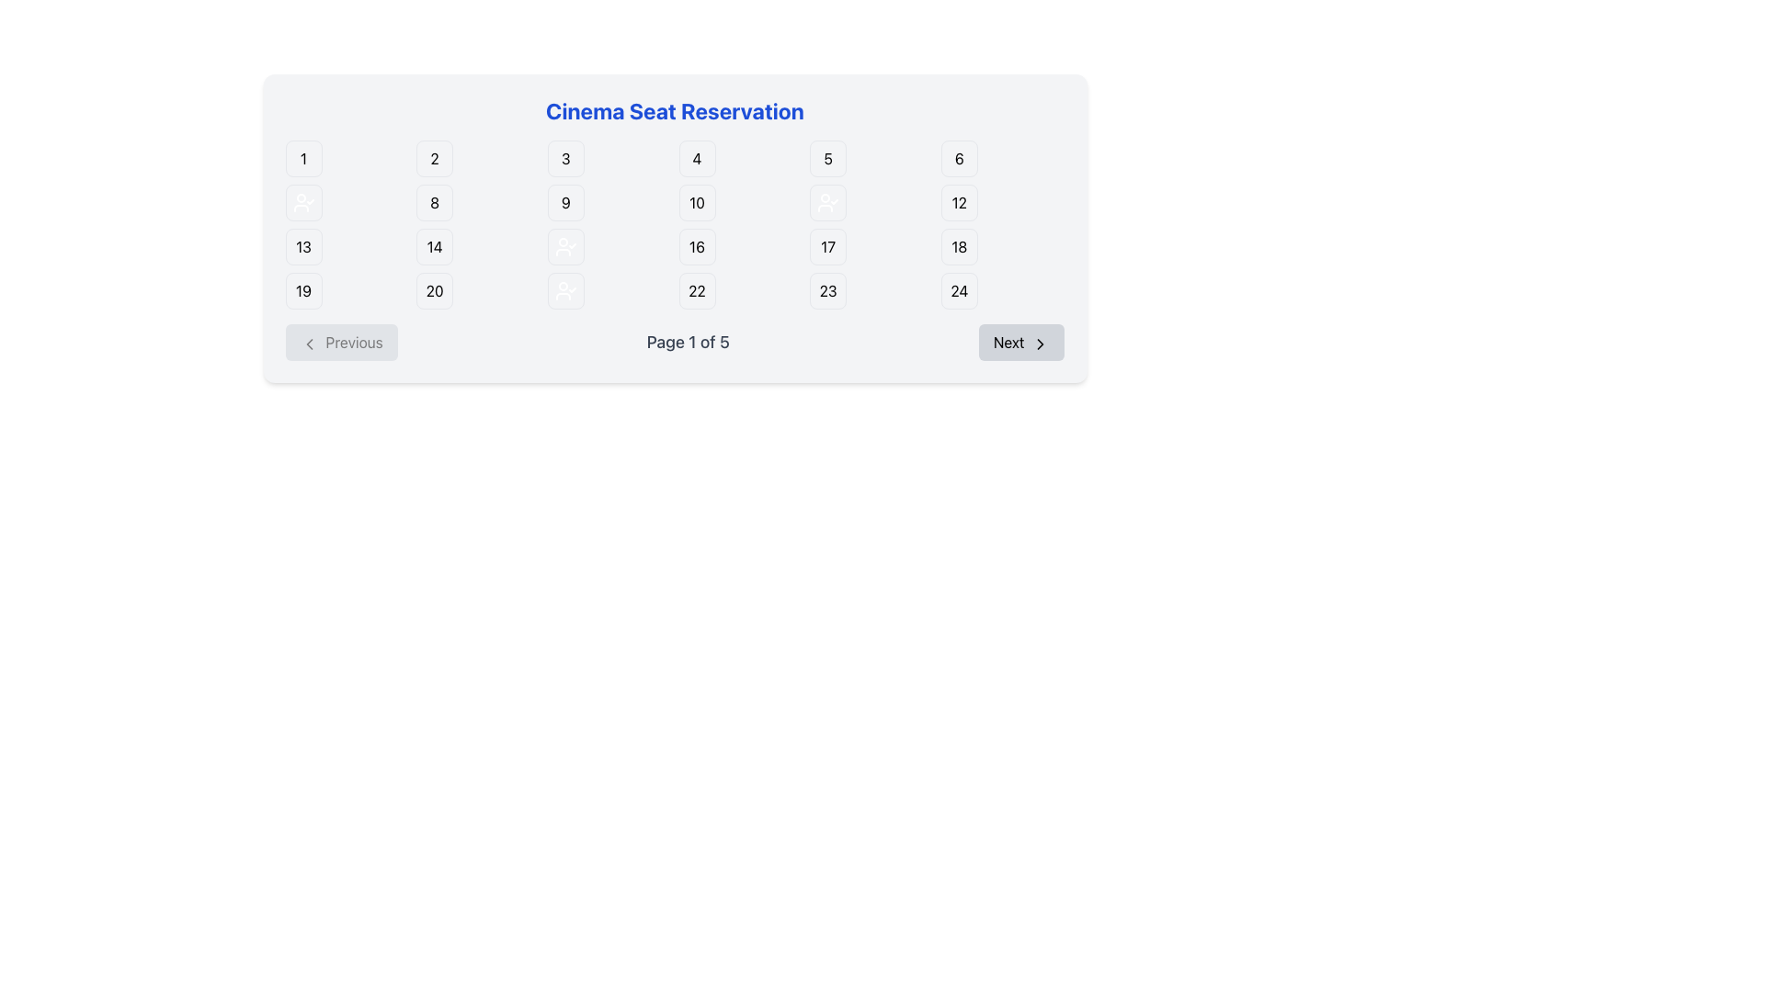 The image size is (1765, 992). What do you see at coordinates (434, 202) in the screenshot?
I see `the static label indicating Seat 8 in the cinema reservation layout, located in the second row and second column of the grid` at bounding box center [434, 202].